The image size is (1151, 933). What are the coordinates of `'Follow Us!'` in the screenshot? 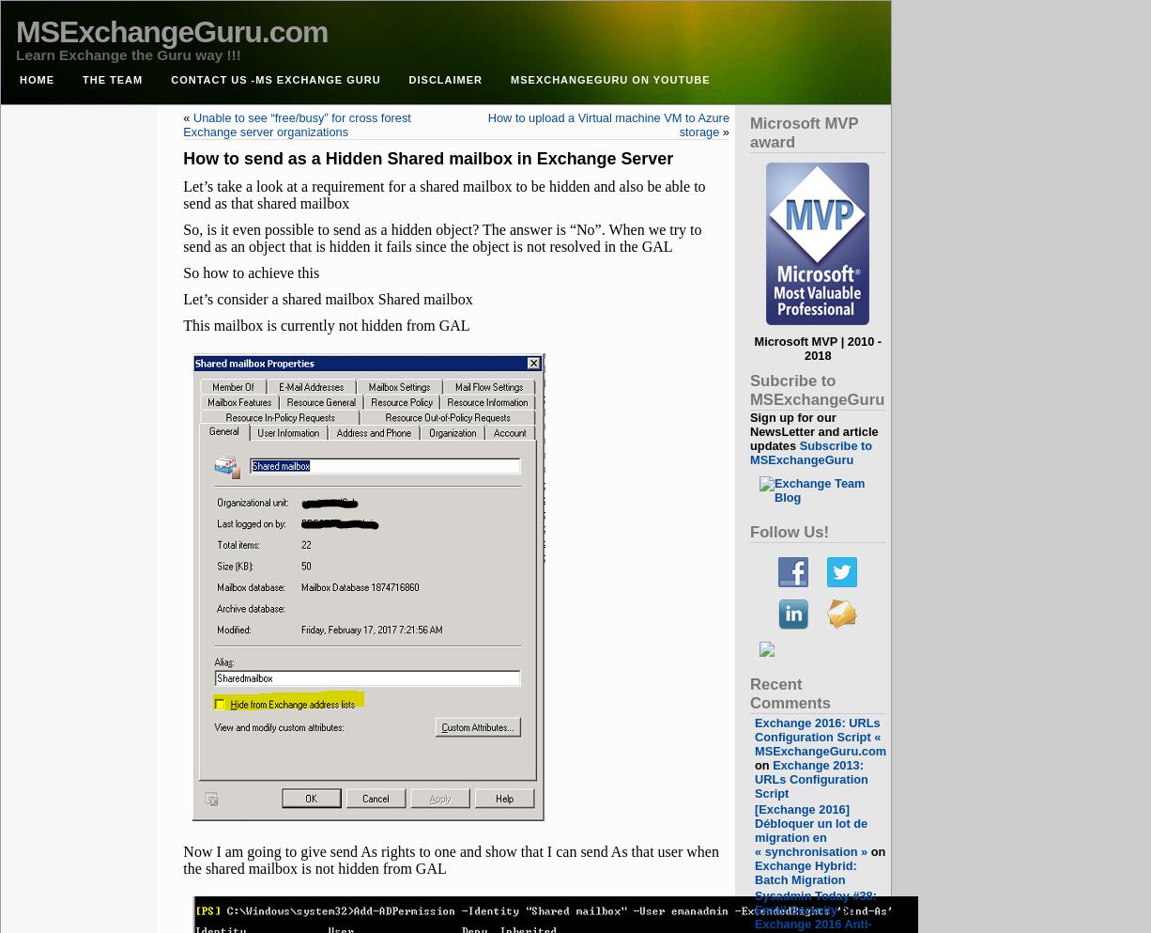 It's located at (790, 531).